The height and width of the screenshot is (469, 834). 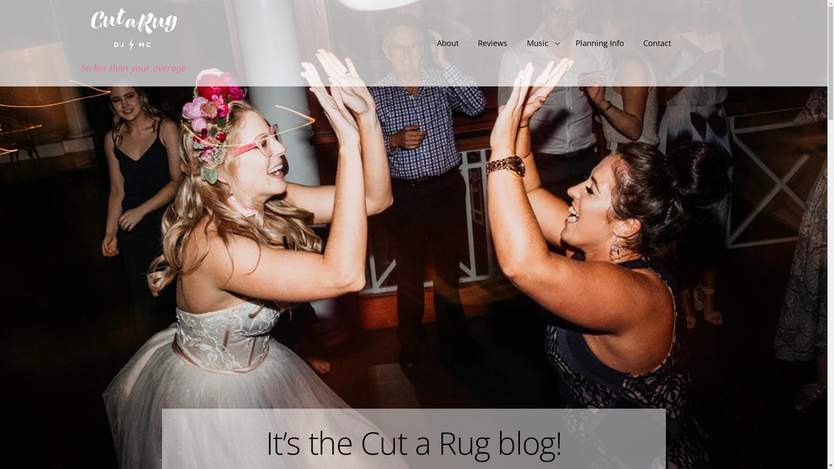 What do you see at coordinates (133, 29) in the screenshot?
I see `'logo-white'` at bounding box center [133, 29].